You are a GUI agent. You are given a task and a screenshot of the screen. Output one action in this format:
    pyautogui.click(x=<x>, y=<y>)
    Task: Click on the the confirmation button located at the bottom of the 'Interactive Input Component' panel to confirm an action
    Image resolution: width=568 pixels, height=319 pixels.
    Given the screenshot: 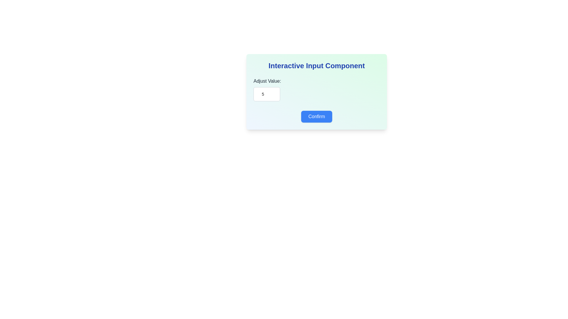 What is the action you would take?
    pyautogui.click(x=316, y=116)
    